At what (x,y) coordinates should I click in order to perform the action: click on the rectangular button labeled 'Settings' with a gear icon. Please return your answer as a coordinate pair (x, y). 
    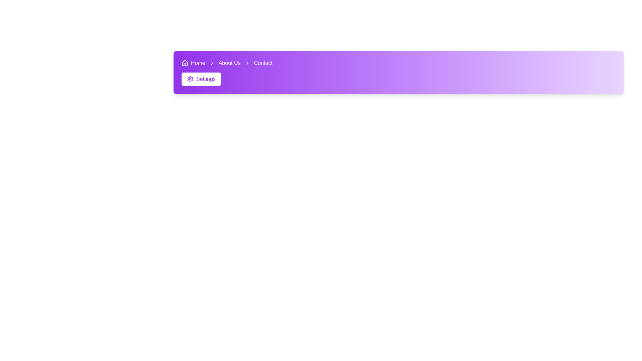
    Looking at the image, I should click on (201, 79).